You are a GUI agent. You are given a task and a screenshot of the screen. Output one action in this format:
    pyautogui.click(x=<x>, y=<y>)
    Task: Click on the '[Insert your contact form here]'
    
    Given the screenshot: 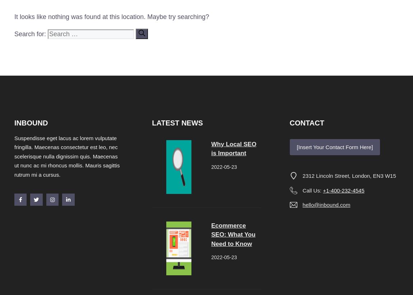 What is the action you would take?
    pyautogui.click(x=334, y=146)
    